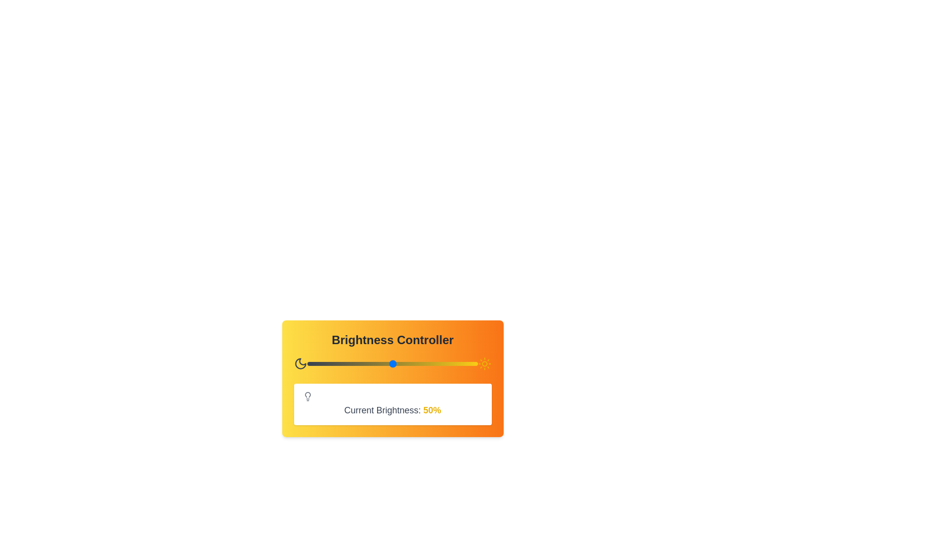  Describe the element at coordinates (336, 364) in the screenshot. I see `the brightness level to 17% by interacting with the slider` at that location.